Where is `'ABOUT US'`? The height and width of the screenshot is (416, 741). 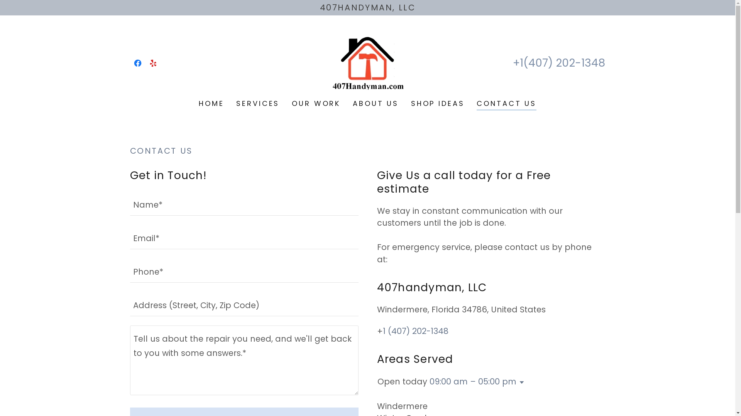 'ABOUT US' is located at coordinates (350, 102).